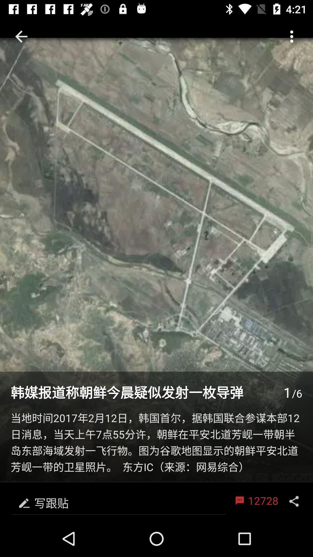  What do you see at coordinates (294, 501) in the screenshot?
I see `the share icon` at bounding box center [294, 501].